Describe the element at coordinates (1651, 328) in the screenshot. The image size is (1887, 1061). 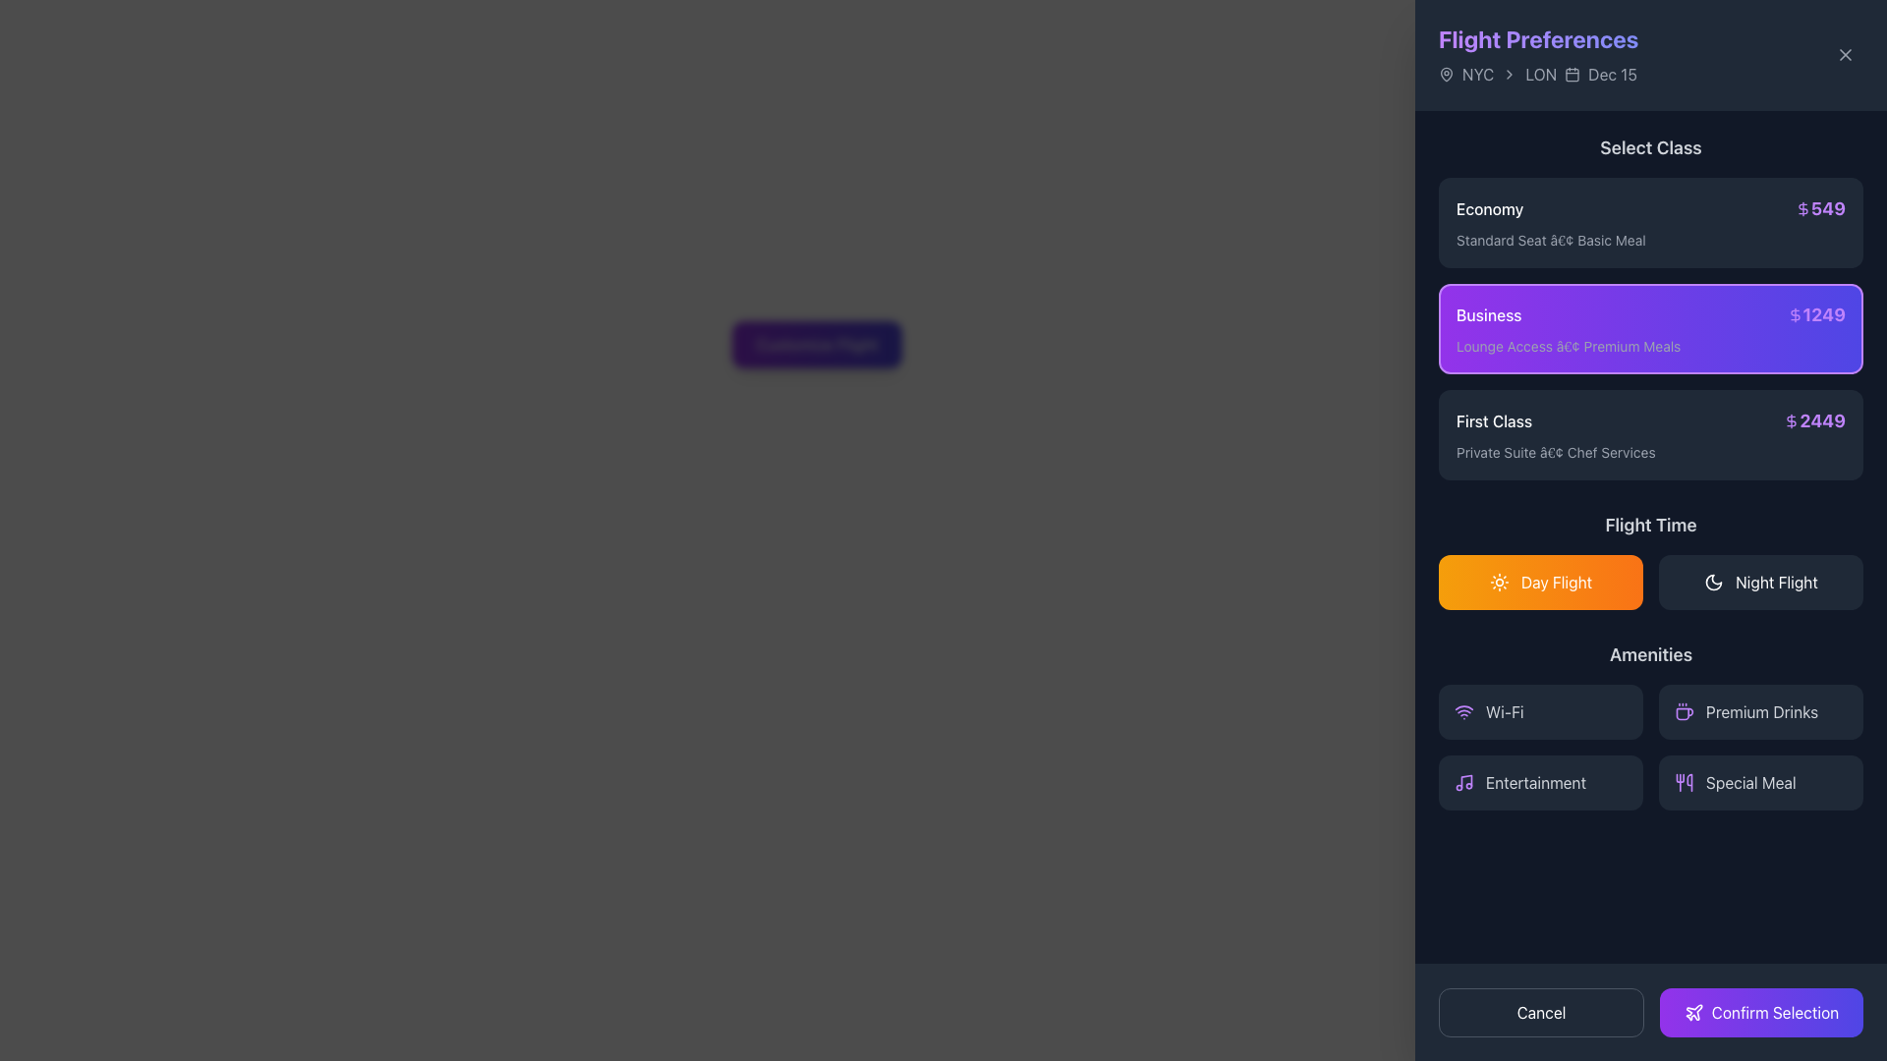
I see `the 'Business' class selection button located below the 'Economy' option and above the 'First Class' option for accessibility navigation` at that location.